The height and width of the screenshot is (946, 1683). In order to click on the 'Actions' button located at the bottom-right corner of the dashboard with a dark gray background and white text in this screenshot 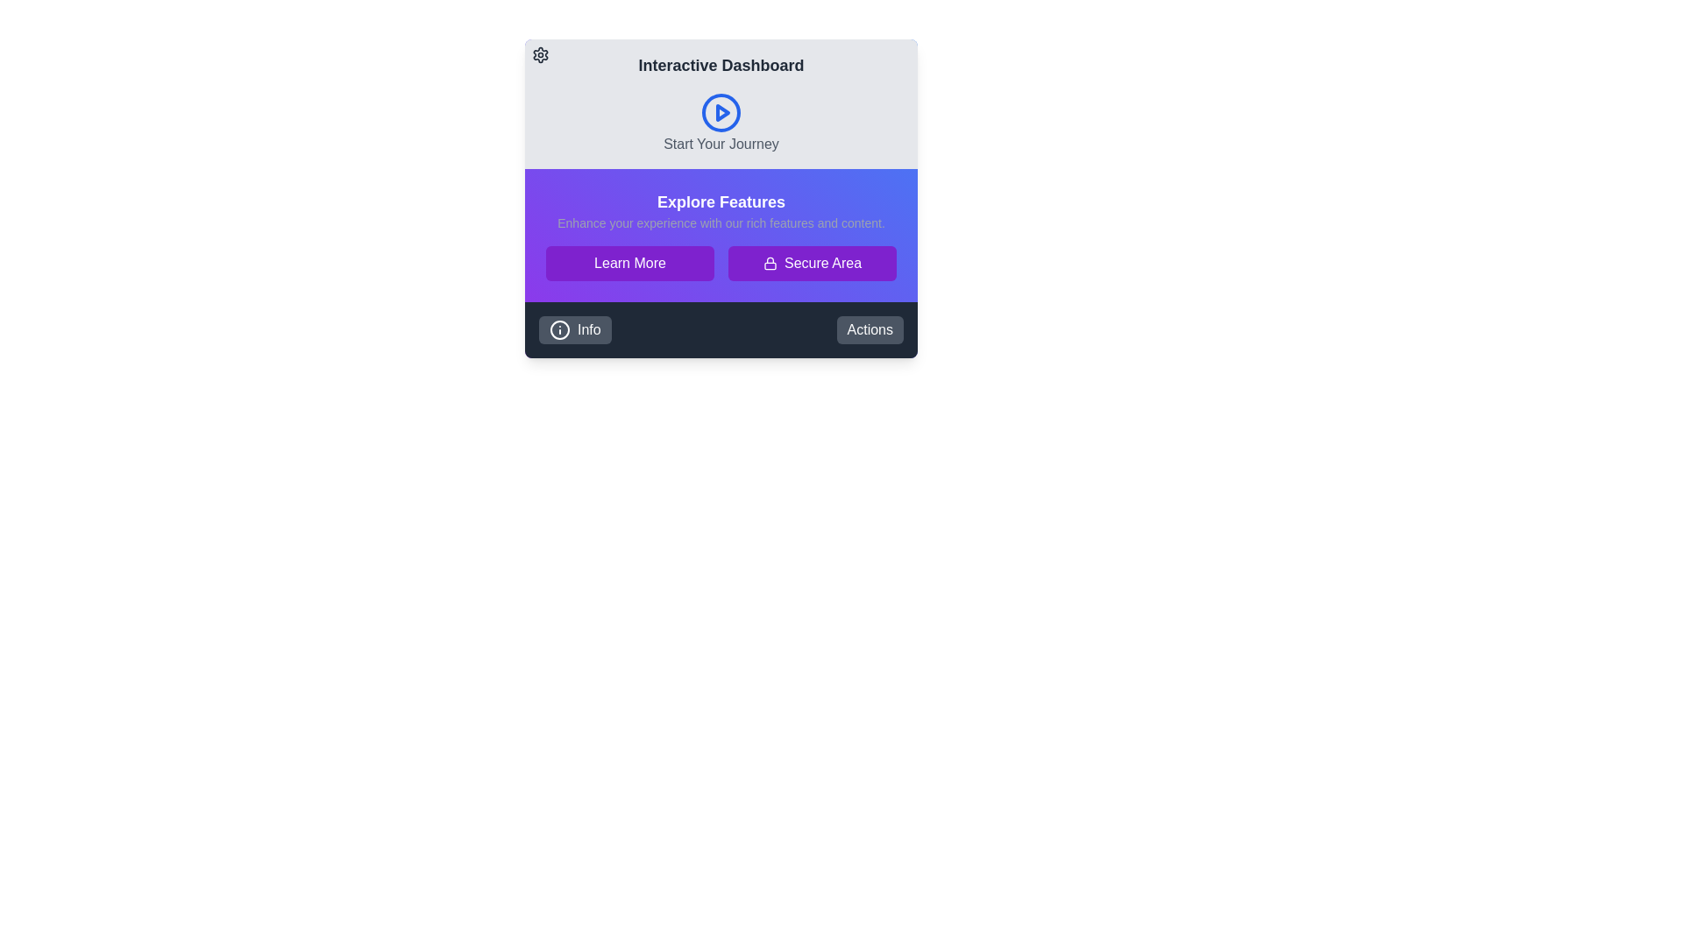, I will do `click(870, 330)`.